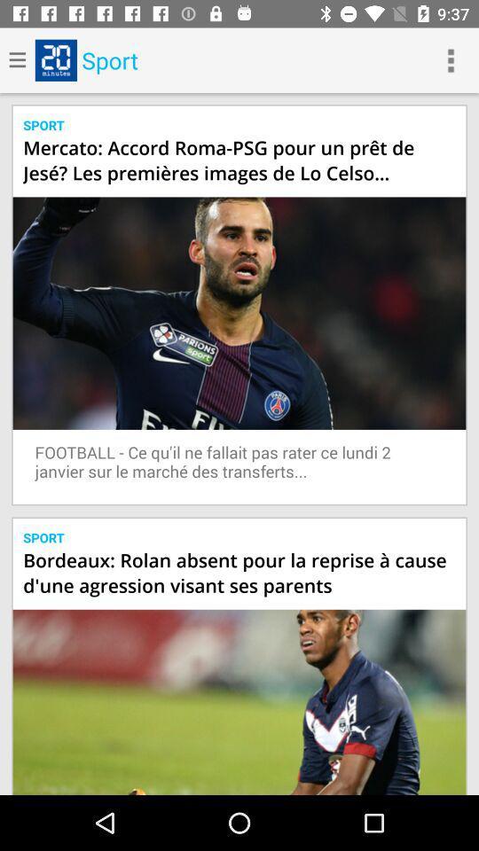 The image size is (479, 851). I want to click on the customized options icon, so click(451, 60).